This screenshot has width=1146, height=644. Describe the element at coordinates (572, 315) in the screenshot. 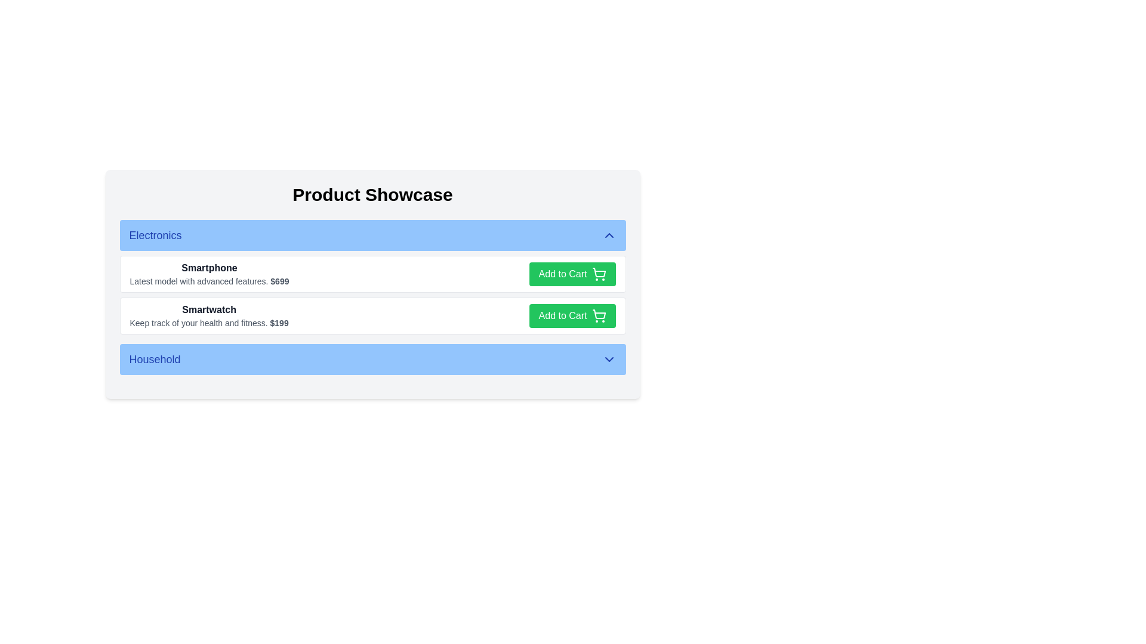

I see `the green 'Add to Cart' button with white text and a shopping cart icon located in the bottom-right corner of the product detail card for the 'Smartwatch'` at that location.